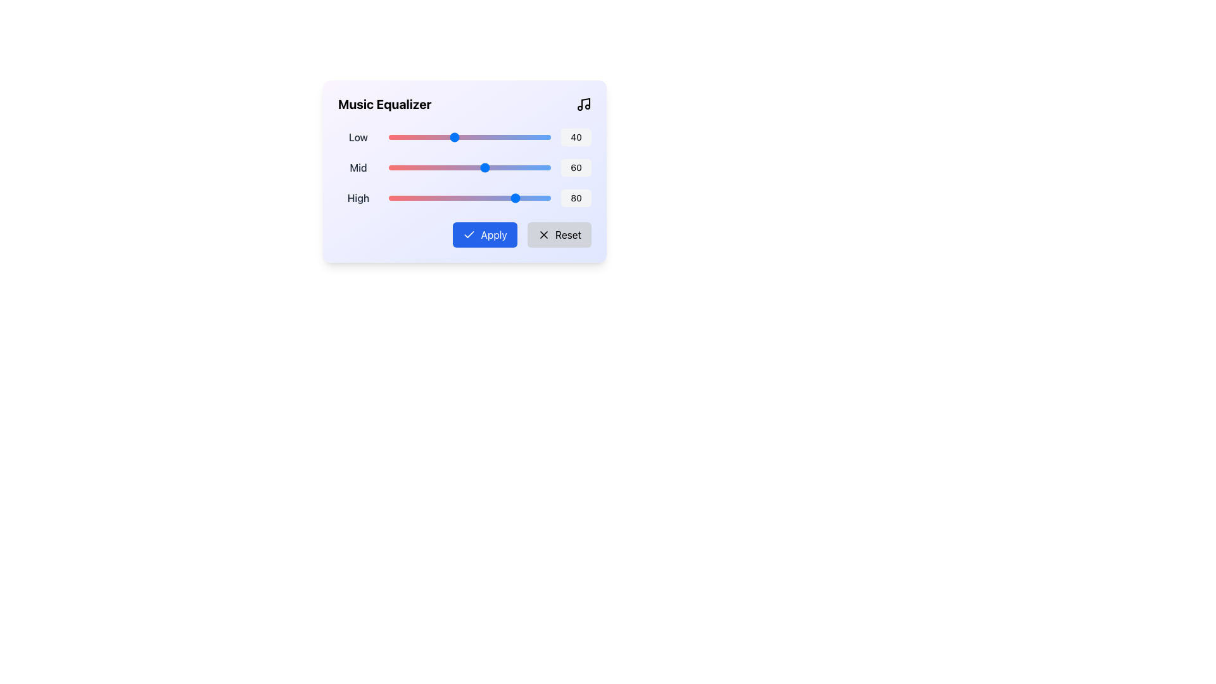  What do you see at coordinates (543, 234) in the screenshot?
I see `the reset icon located to the left of the 'Reset' label in the Music Equalizer interface` at bounding box center [543, 234].